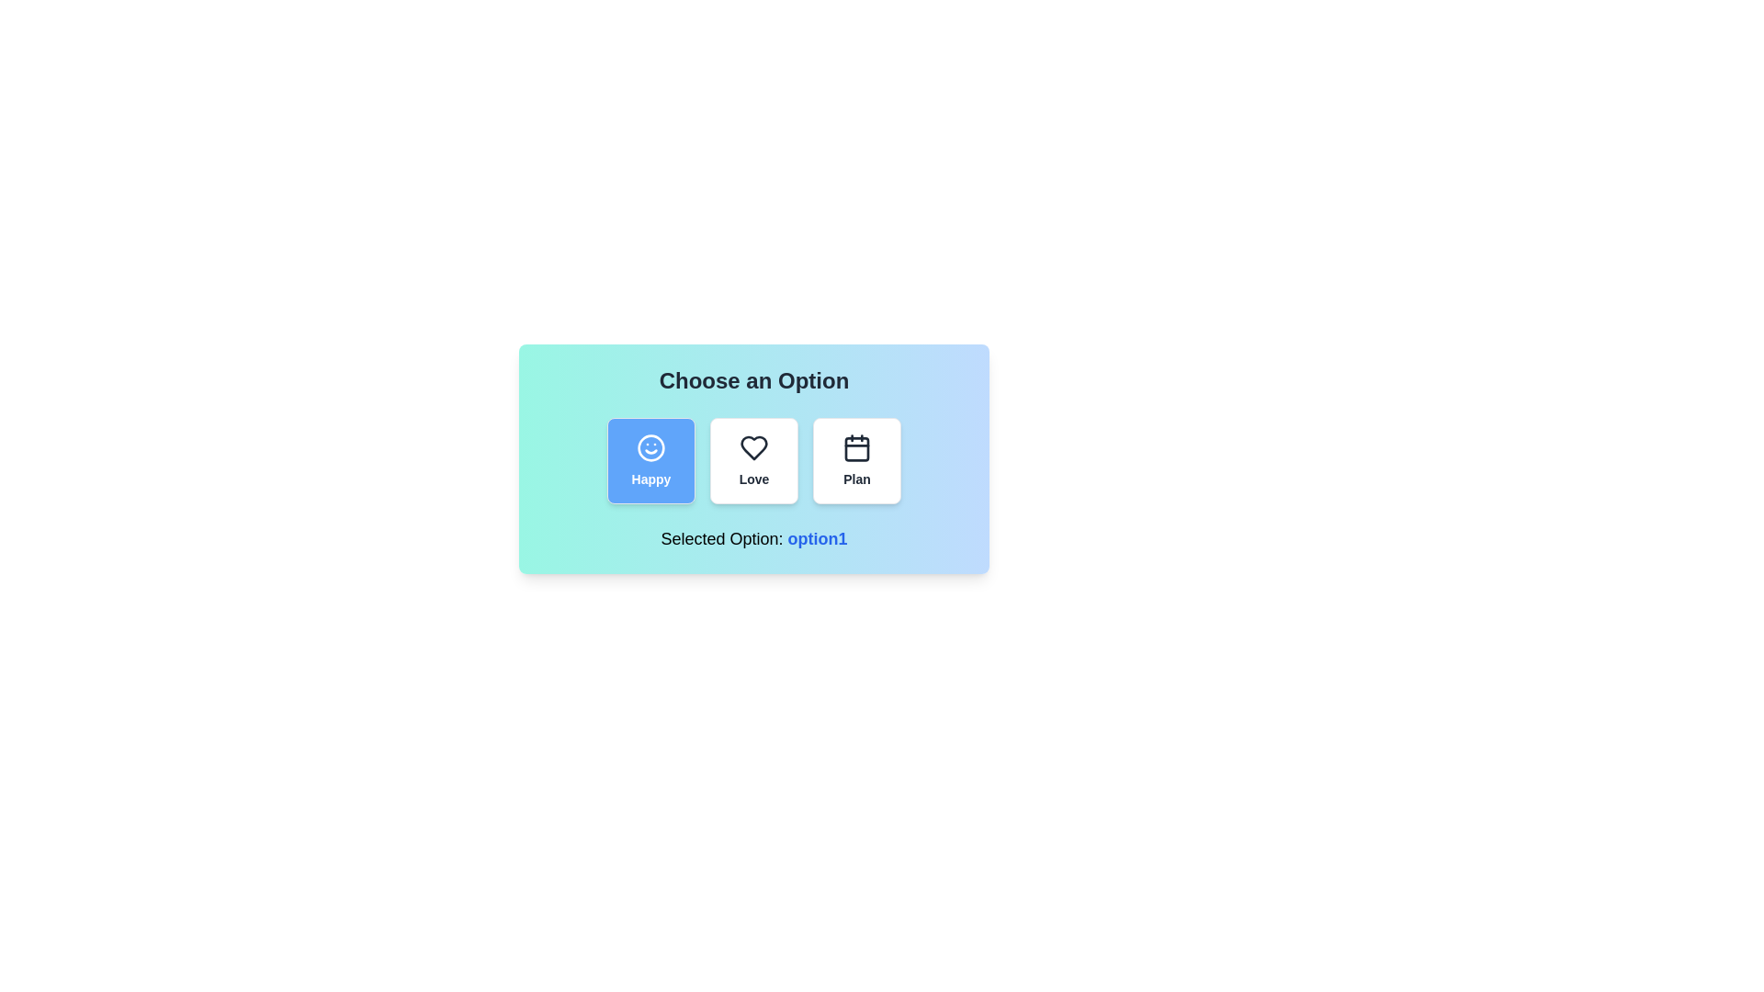 This screenshot has height=992, width=1764. I want to click on the text label that reads 'Happy', which is styled in bold white font against a blue background and is positioned below a smiley face icon, so click(651, 478).